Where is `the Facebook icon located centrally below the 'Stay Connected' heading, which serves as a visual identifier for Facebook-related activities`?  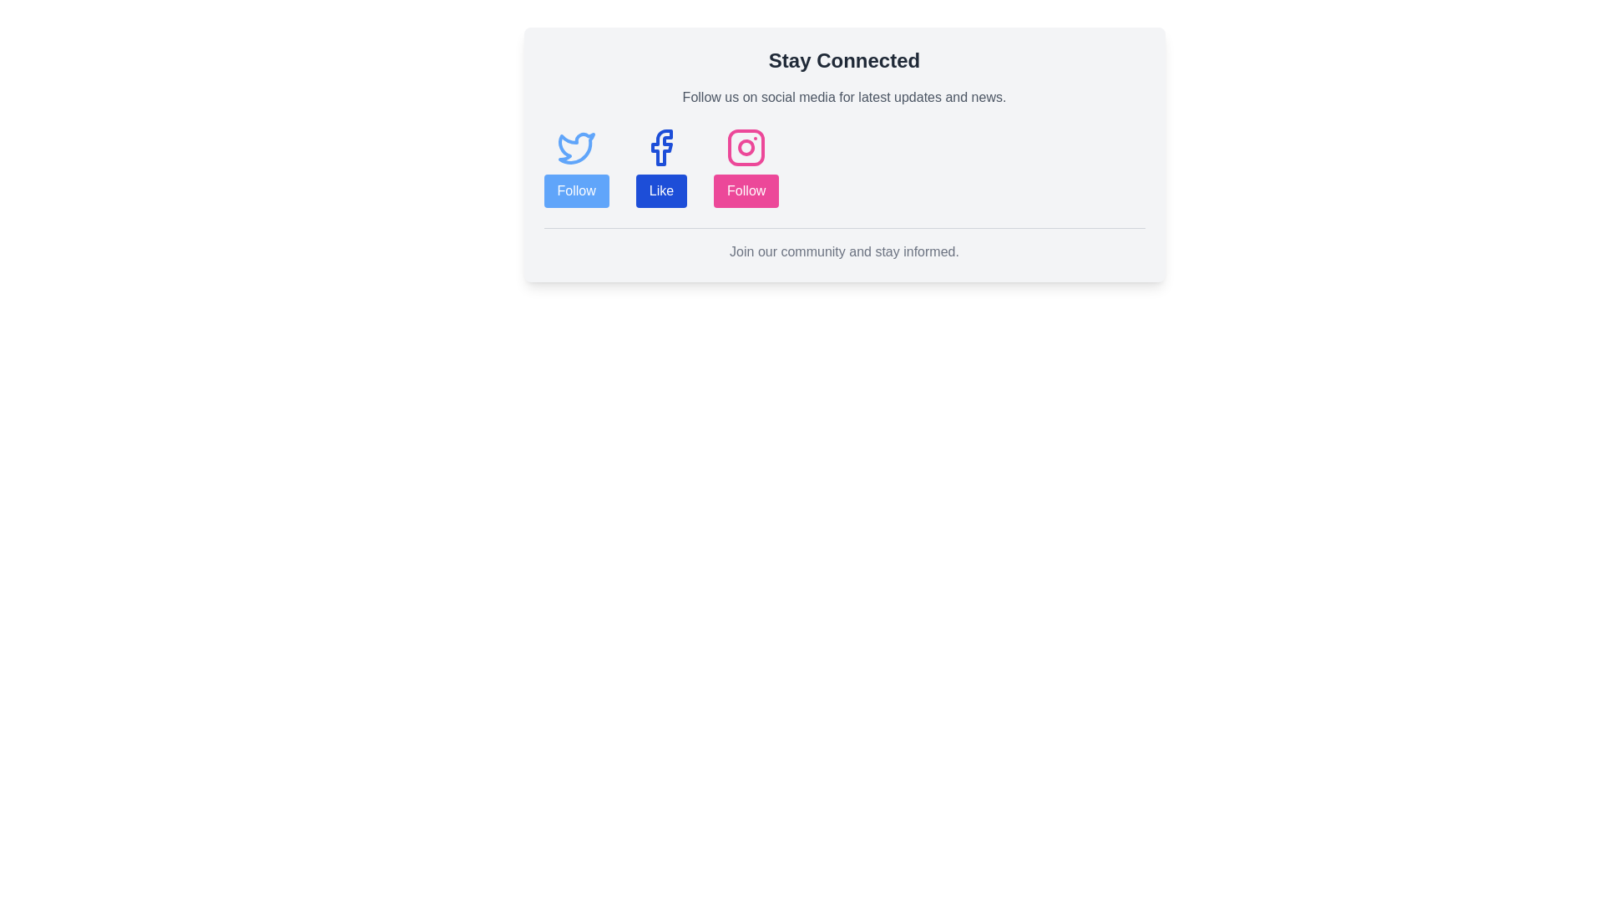
the Facebook icon located centrally below the 'Stay Connected' heading, which serves as a visual identifier for Facebook-related activities is located at coordinates (660, 147).